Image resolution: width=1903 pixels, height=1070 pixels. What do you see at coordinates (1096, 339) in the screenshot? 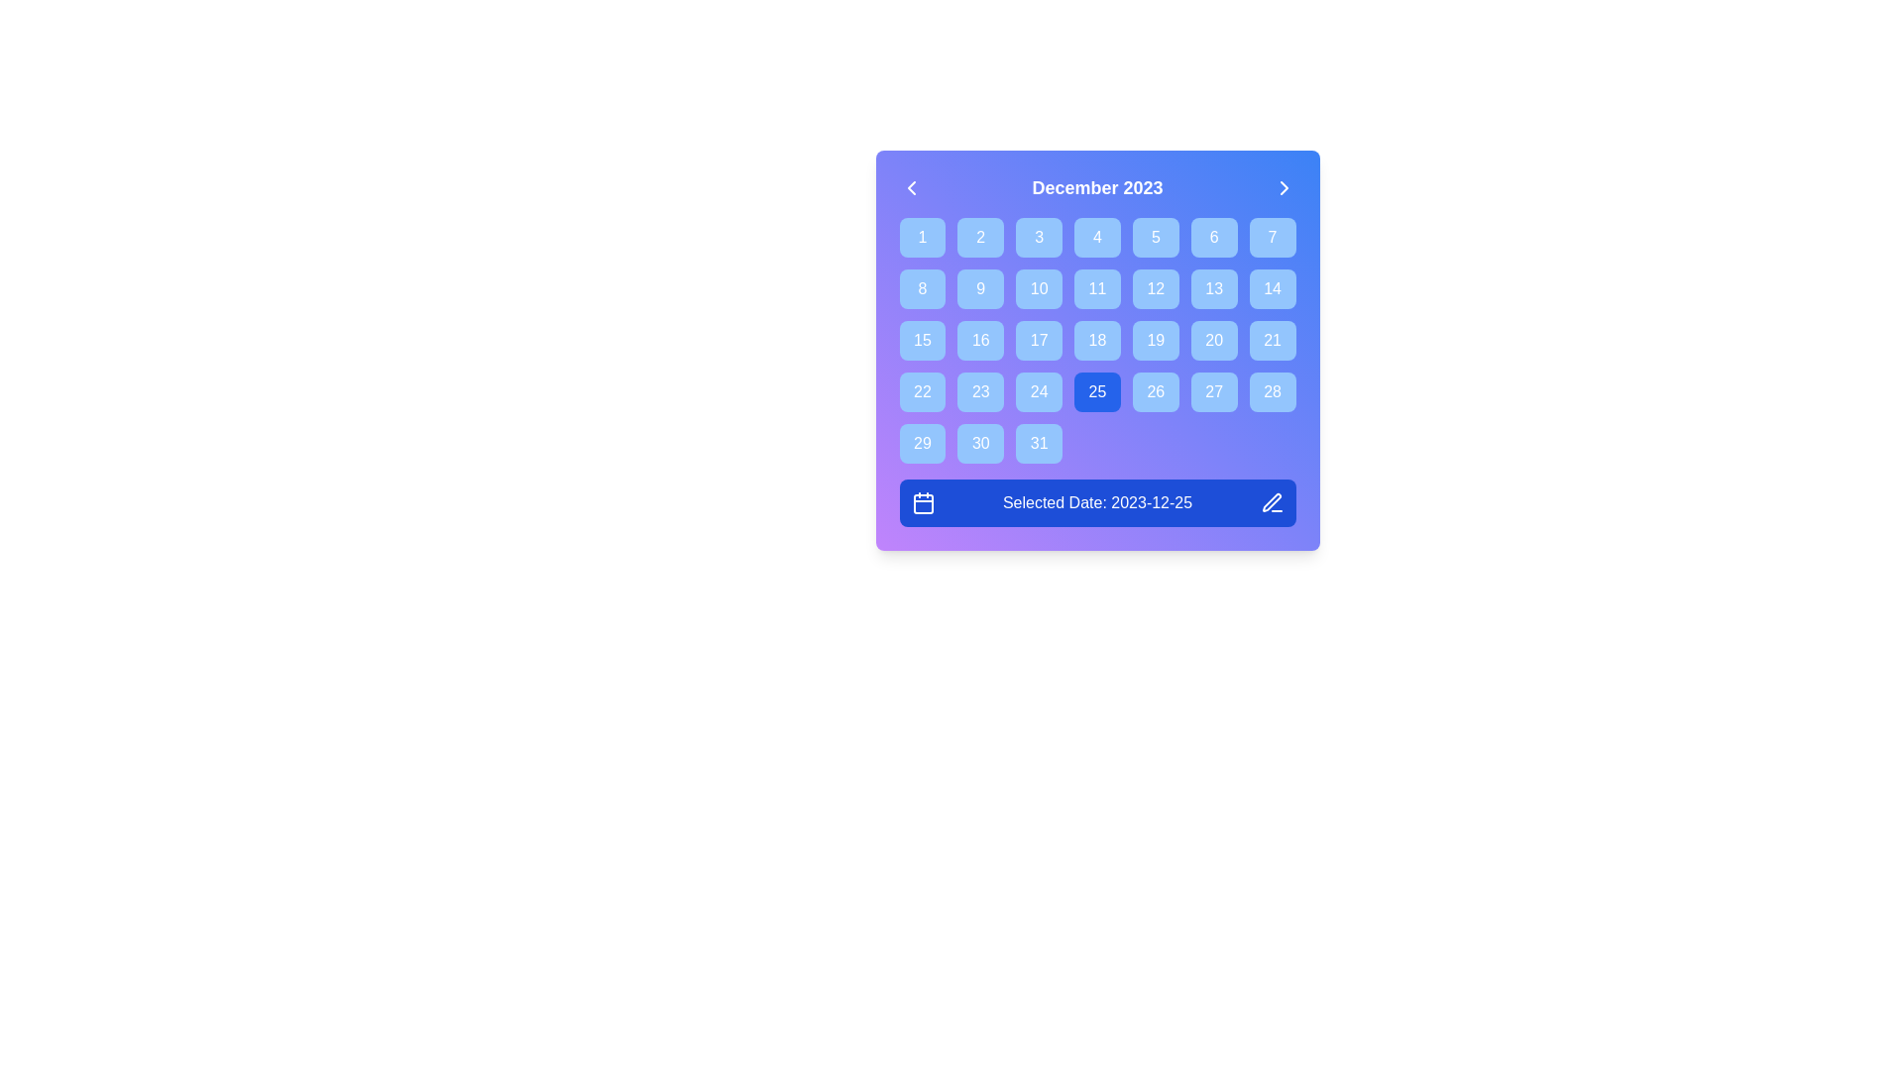
I see `the blue rounded rectangle button displaying the number '18' located in the fourth row and fourth column of the calendar grid` at bounding box center [1096, 339].